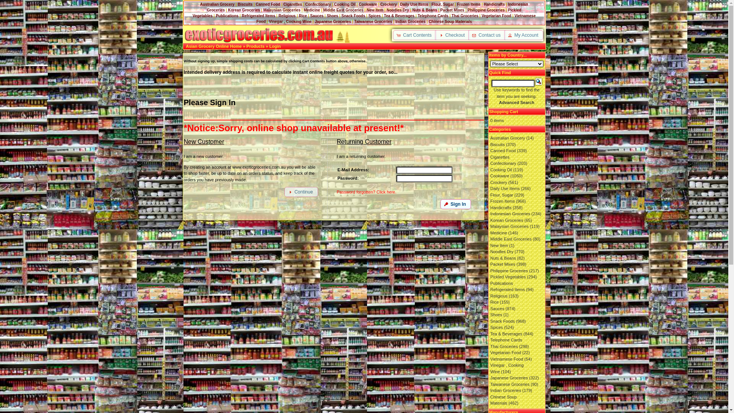  Describe the element at coordinates (226, 16) in the screenshot. I see `'Publications'` at that location.